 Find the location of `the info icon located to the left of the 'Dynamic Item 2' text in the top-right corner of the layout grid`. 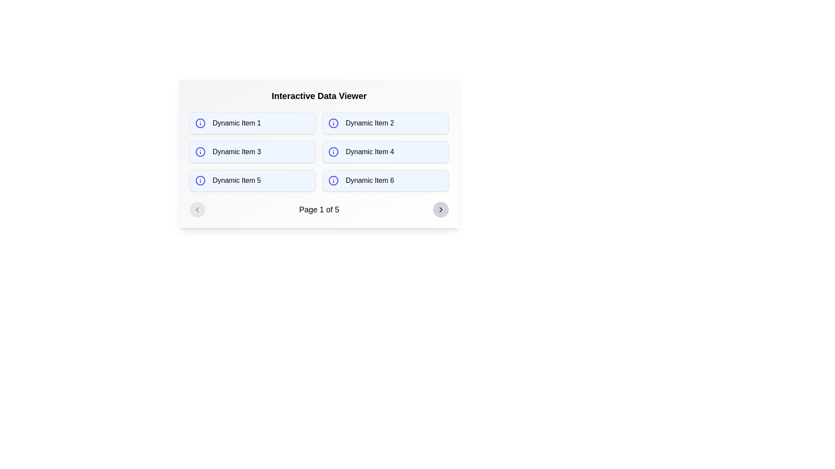

the info icon located to the left of the 'Dynamic Item 2' text in the top-right corner of the layout grid is located at coordinates (333, 123).